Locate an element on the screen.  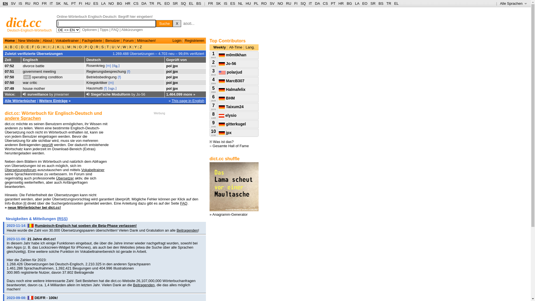
'EO' is located at coordinates (164, 3).